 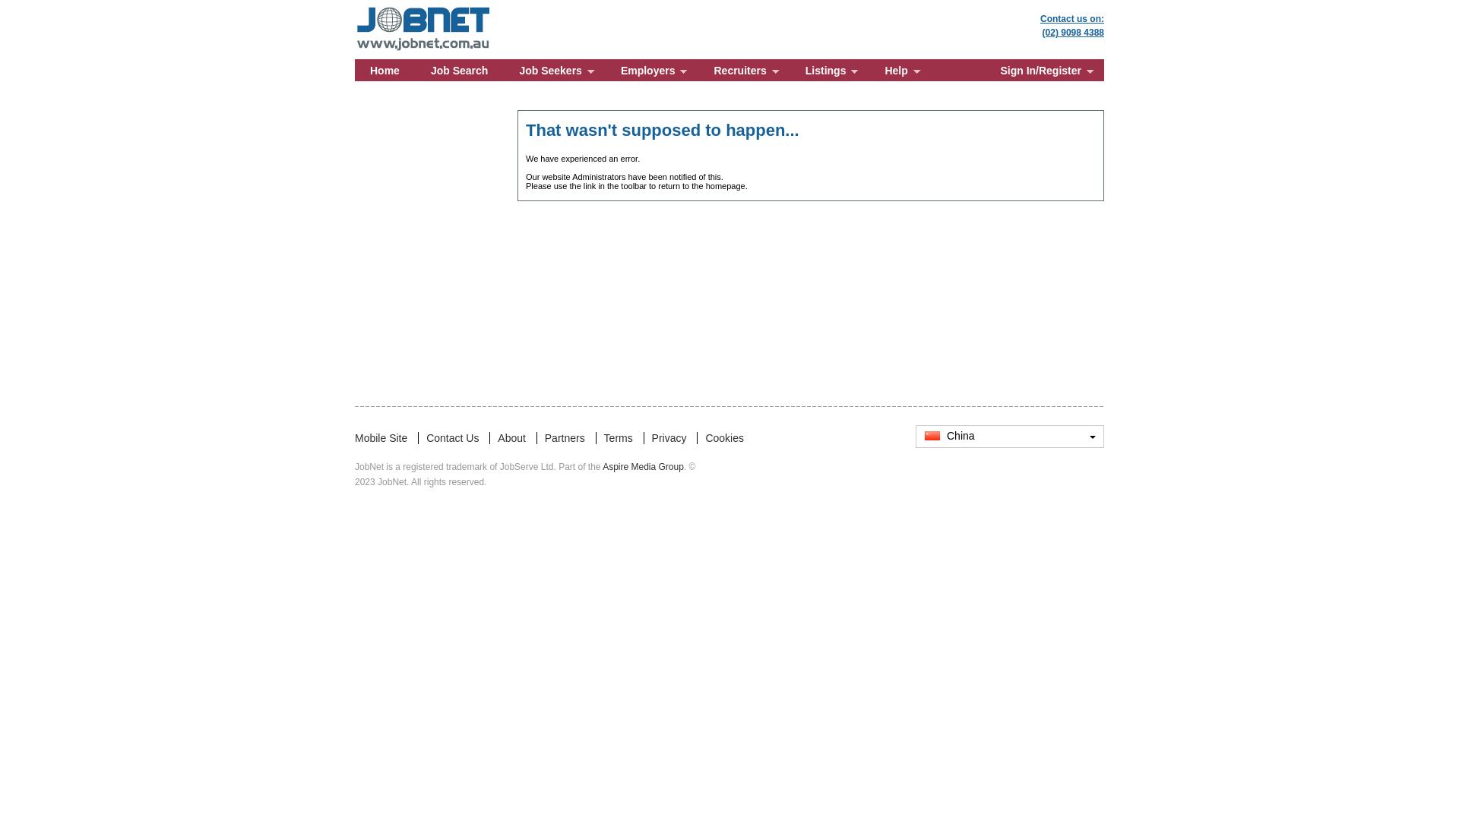 I want to click on 'Partners', so click(x=564, y=438).